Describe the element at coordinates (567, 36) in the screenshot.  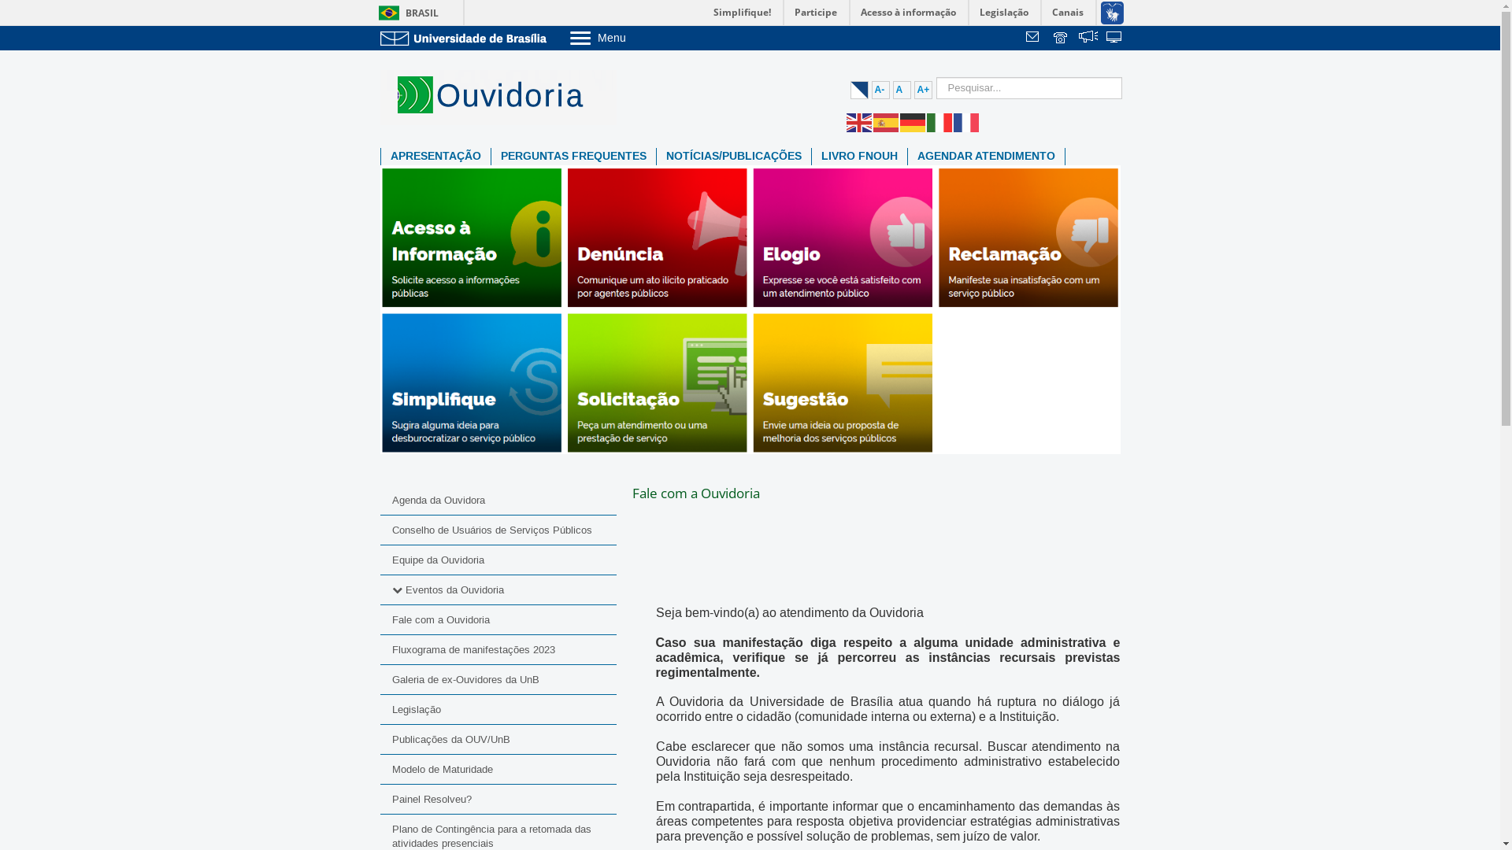
I see `'Menu'` at that location.